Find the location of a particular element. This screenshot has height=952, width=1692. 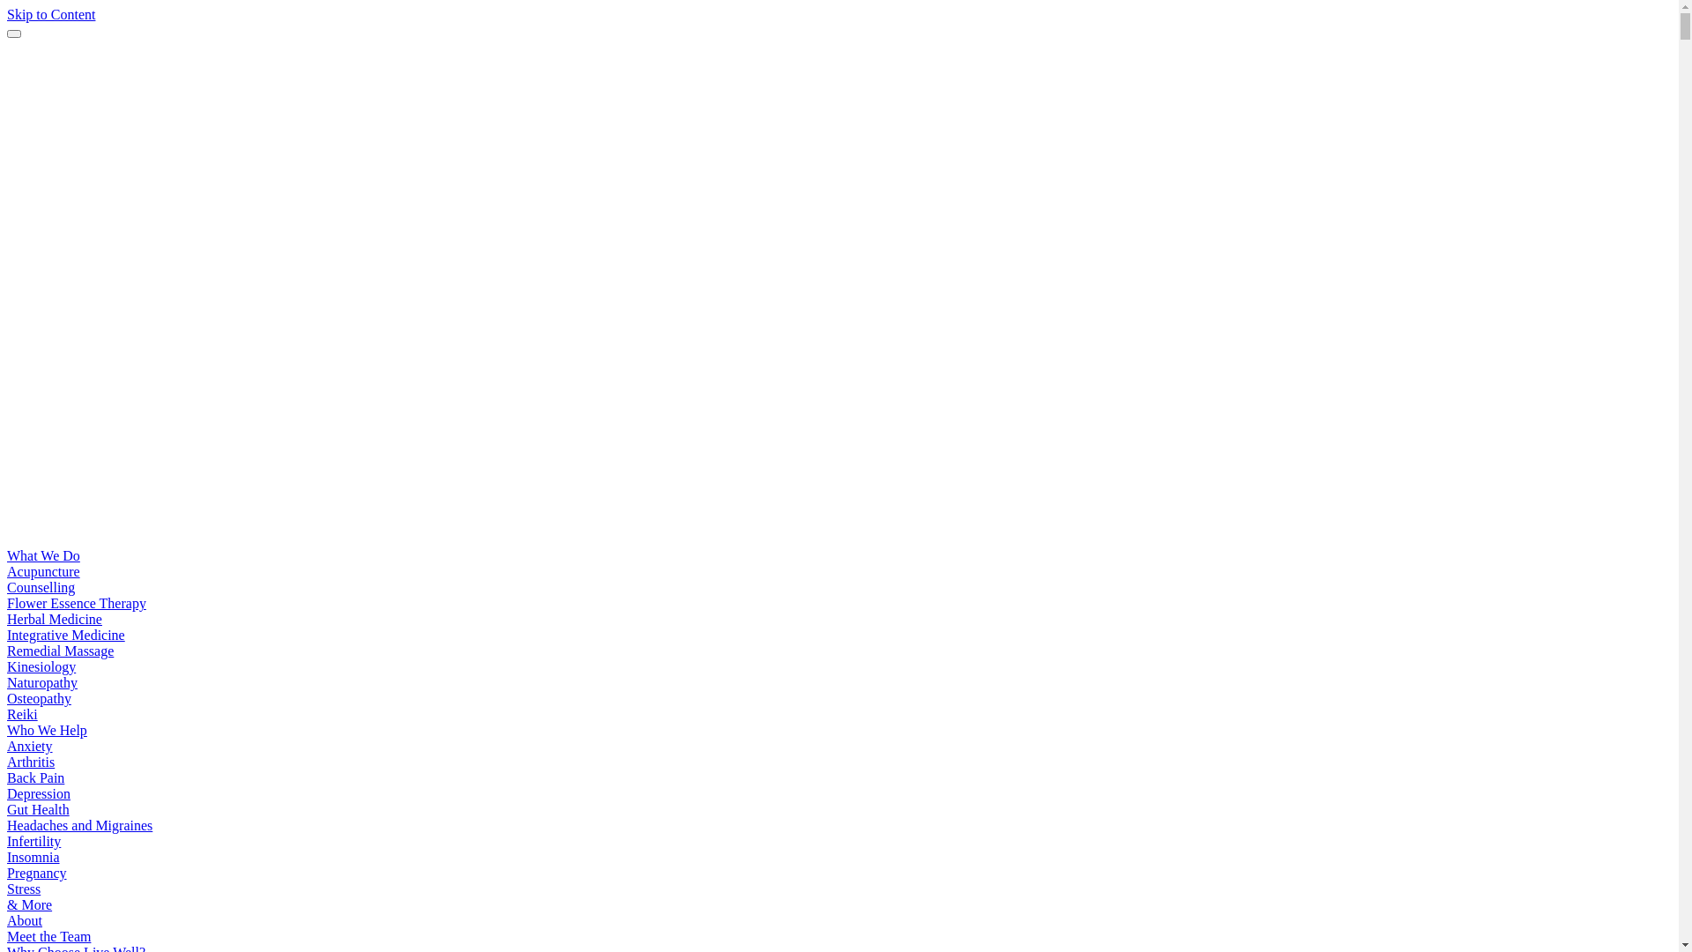

'Reiki' is located at coordinates (22, 714).